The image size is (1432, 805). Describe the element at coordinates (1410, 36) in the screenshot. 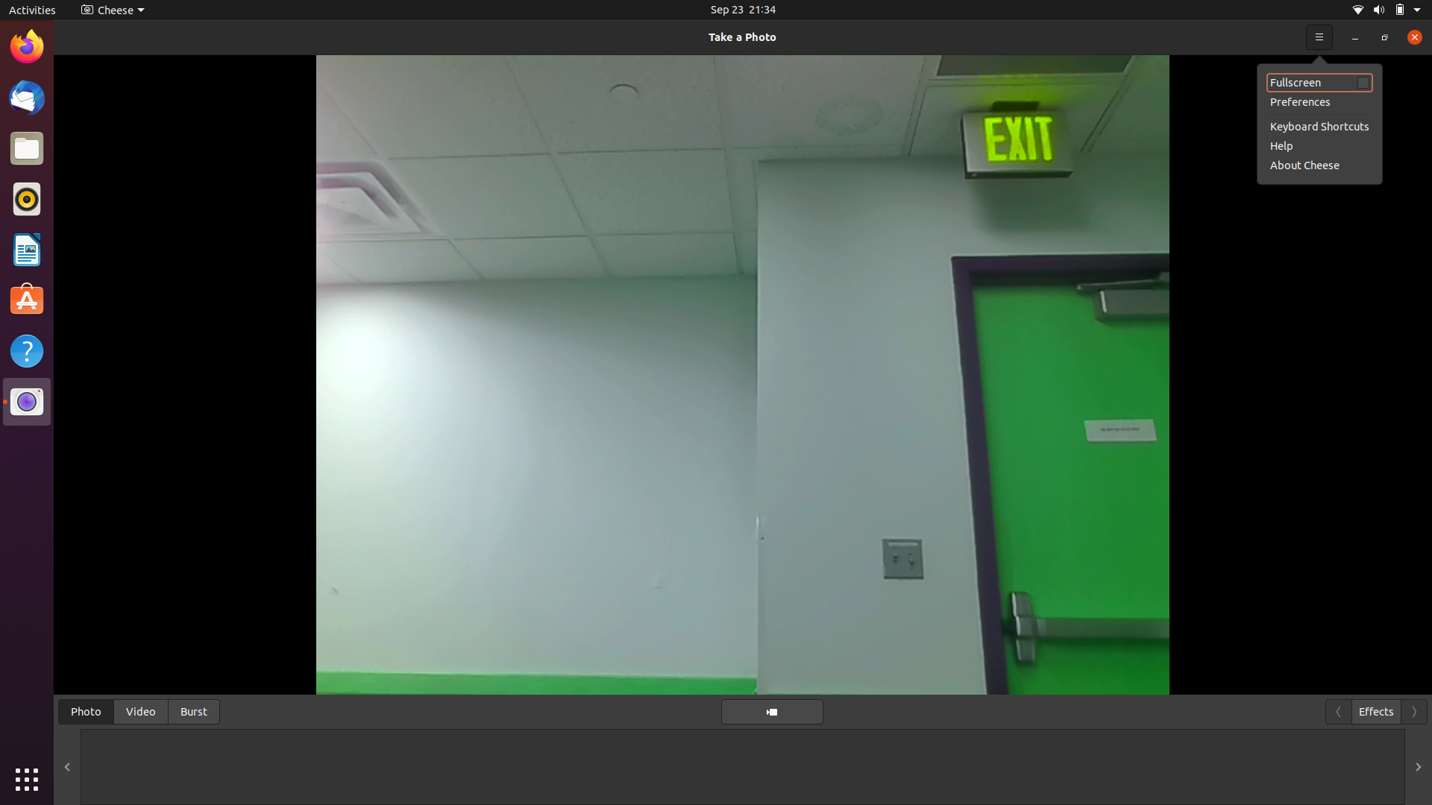

I see `Show About Cheese info` at that location.